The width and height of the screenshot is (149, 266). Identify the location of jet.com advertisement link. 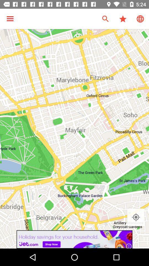
(74, 239).